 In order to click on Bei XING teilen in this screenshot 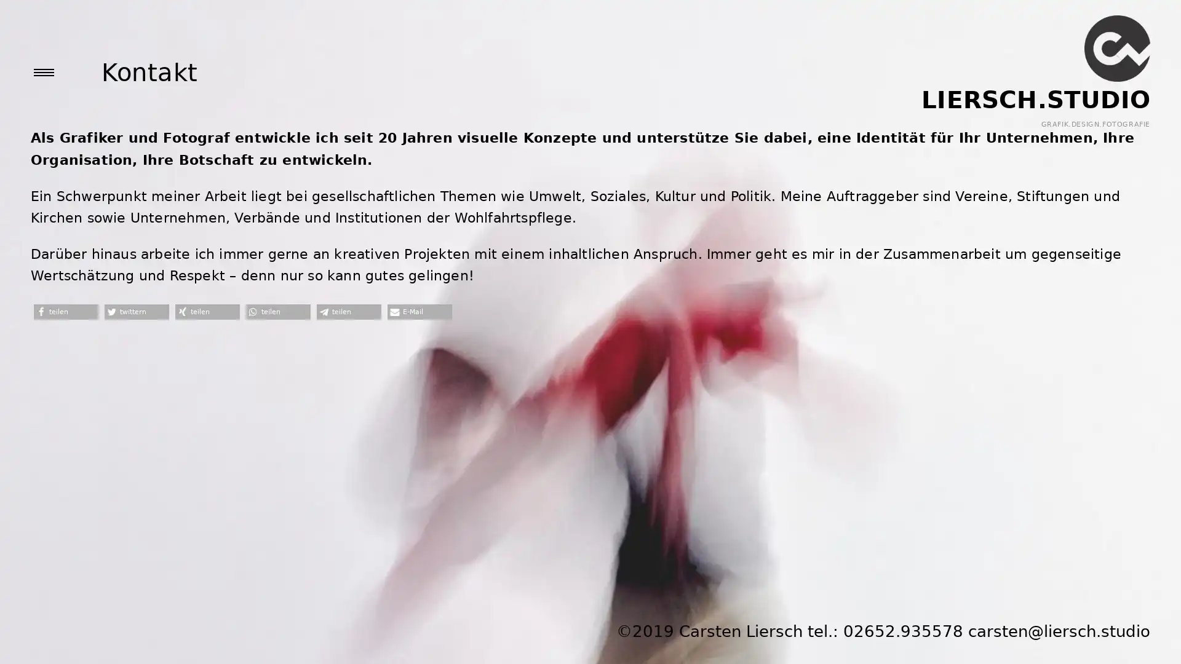, I will do `click(207, 462)`.